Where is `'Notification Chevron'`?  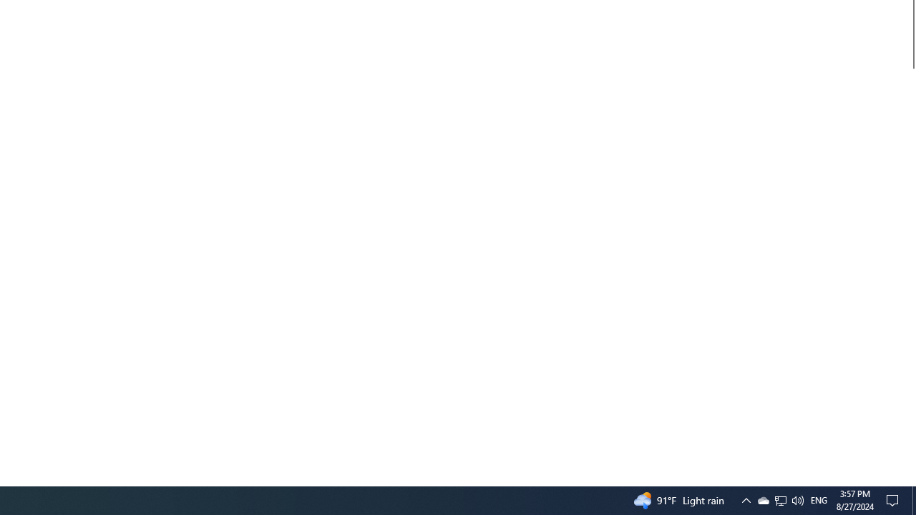 'Notification Chevron' is located at coordinates (762, 499).